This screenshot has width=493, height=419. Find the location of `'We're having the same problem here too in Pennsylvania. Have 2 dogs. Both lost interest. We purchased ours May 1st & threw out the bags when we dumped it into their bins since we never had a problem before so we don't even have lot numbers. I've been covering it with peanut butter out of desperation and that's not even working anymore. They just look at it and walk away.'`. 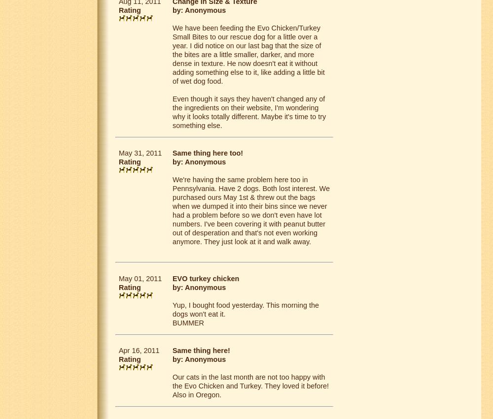

'We're having the same problem here too in Pennsylvania. Have 2 dogs. Both lost interest. We purchased ours May 1st & threw out the bags when we dumped it into their bins since we never had a problem before so we don't even have lot numbers. I've been covering it with peanut butter out of desperation and that's not even working anymore. They just look at it and walk away.' is located at coordinates (251, 210).